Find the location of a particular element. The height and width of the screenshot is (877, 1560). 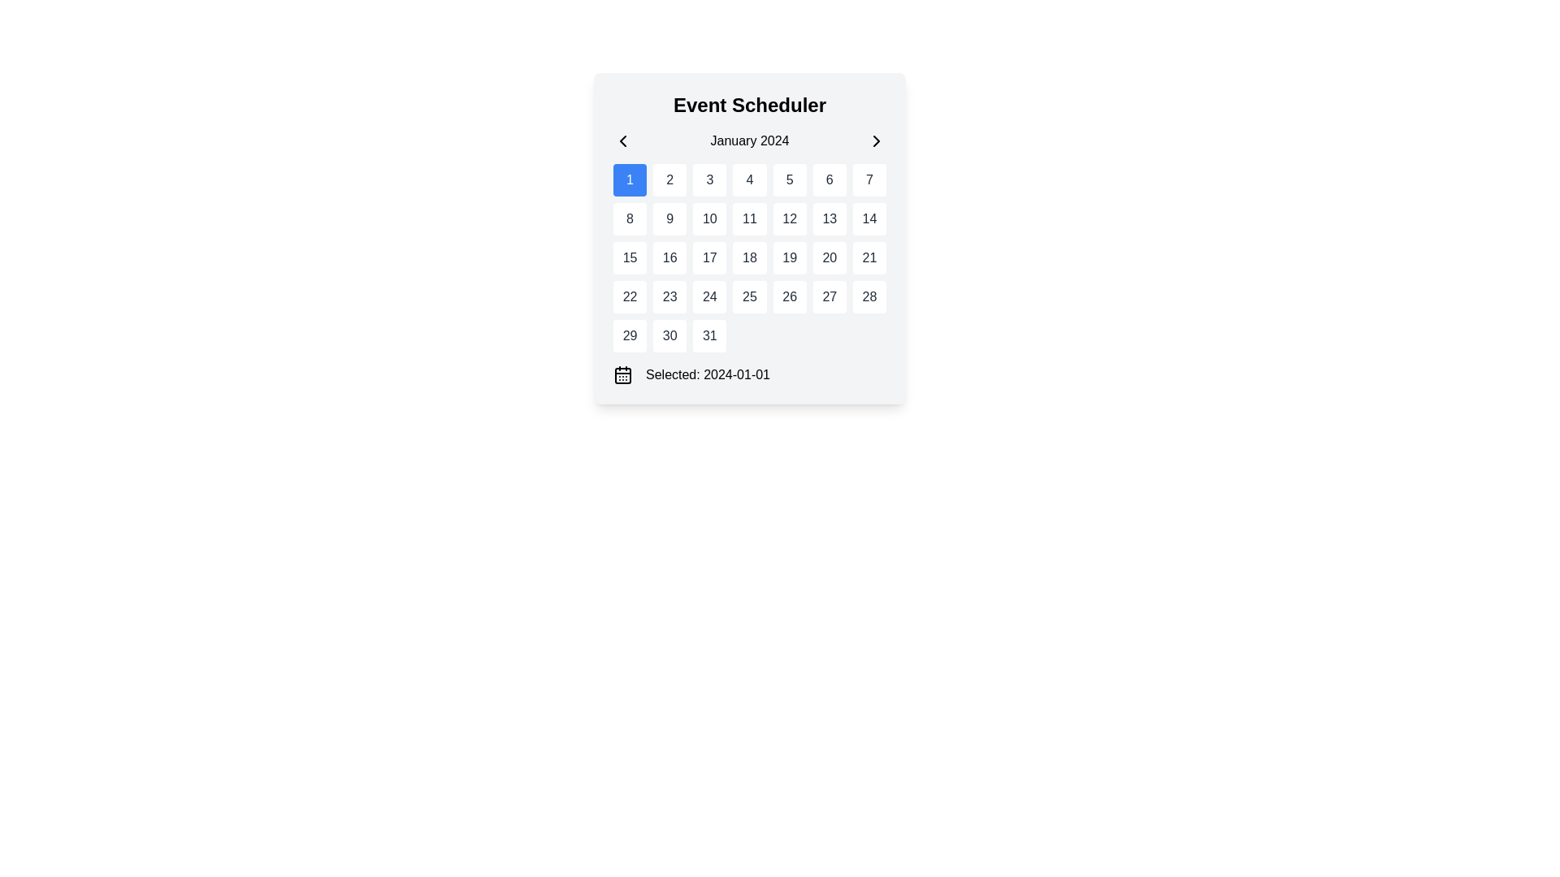

the white square button with rounded corners displaying the number '8' in the 'Event Scheduler' component is located at coordinates (629, 219).